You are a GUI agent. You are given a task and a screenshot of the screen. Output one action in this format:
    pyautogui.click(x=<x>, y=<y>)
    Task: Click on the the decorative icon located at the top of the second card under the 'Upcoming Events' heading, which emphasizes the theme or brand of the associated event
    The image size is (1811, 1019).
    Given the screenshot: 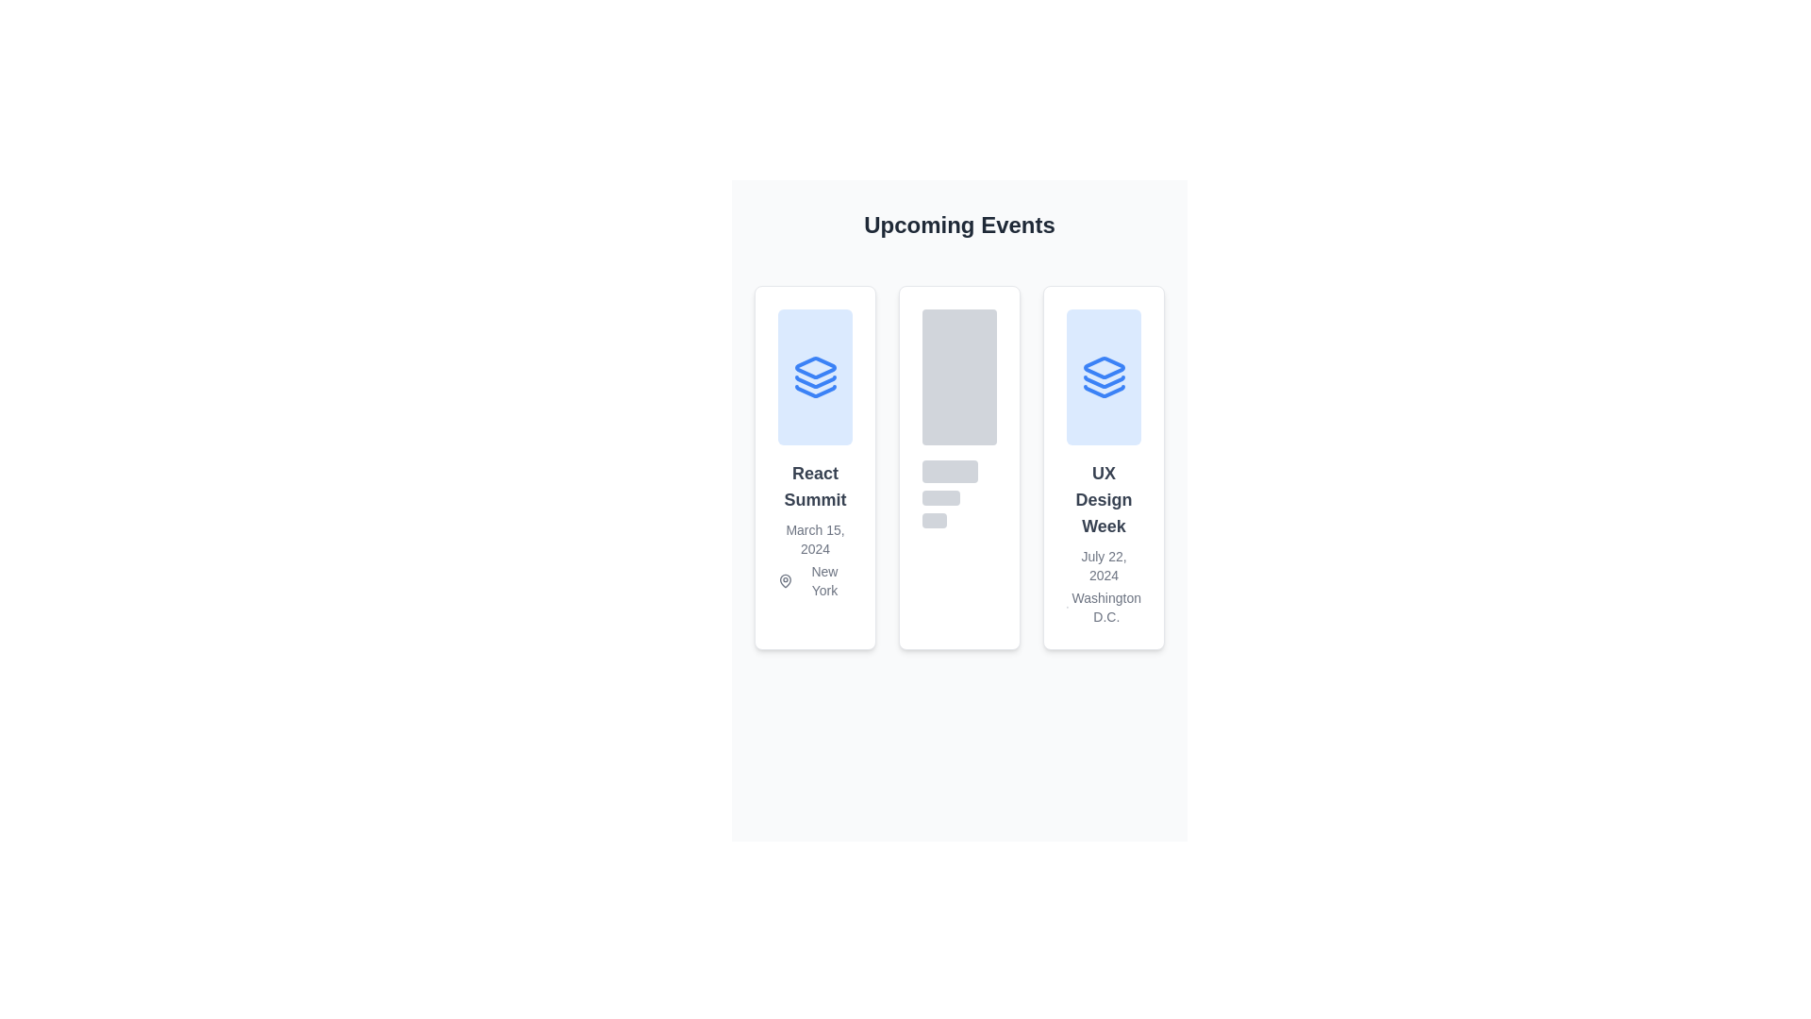 What is the action you would take?
    pyautogui.click(x=1104, y=377)
    